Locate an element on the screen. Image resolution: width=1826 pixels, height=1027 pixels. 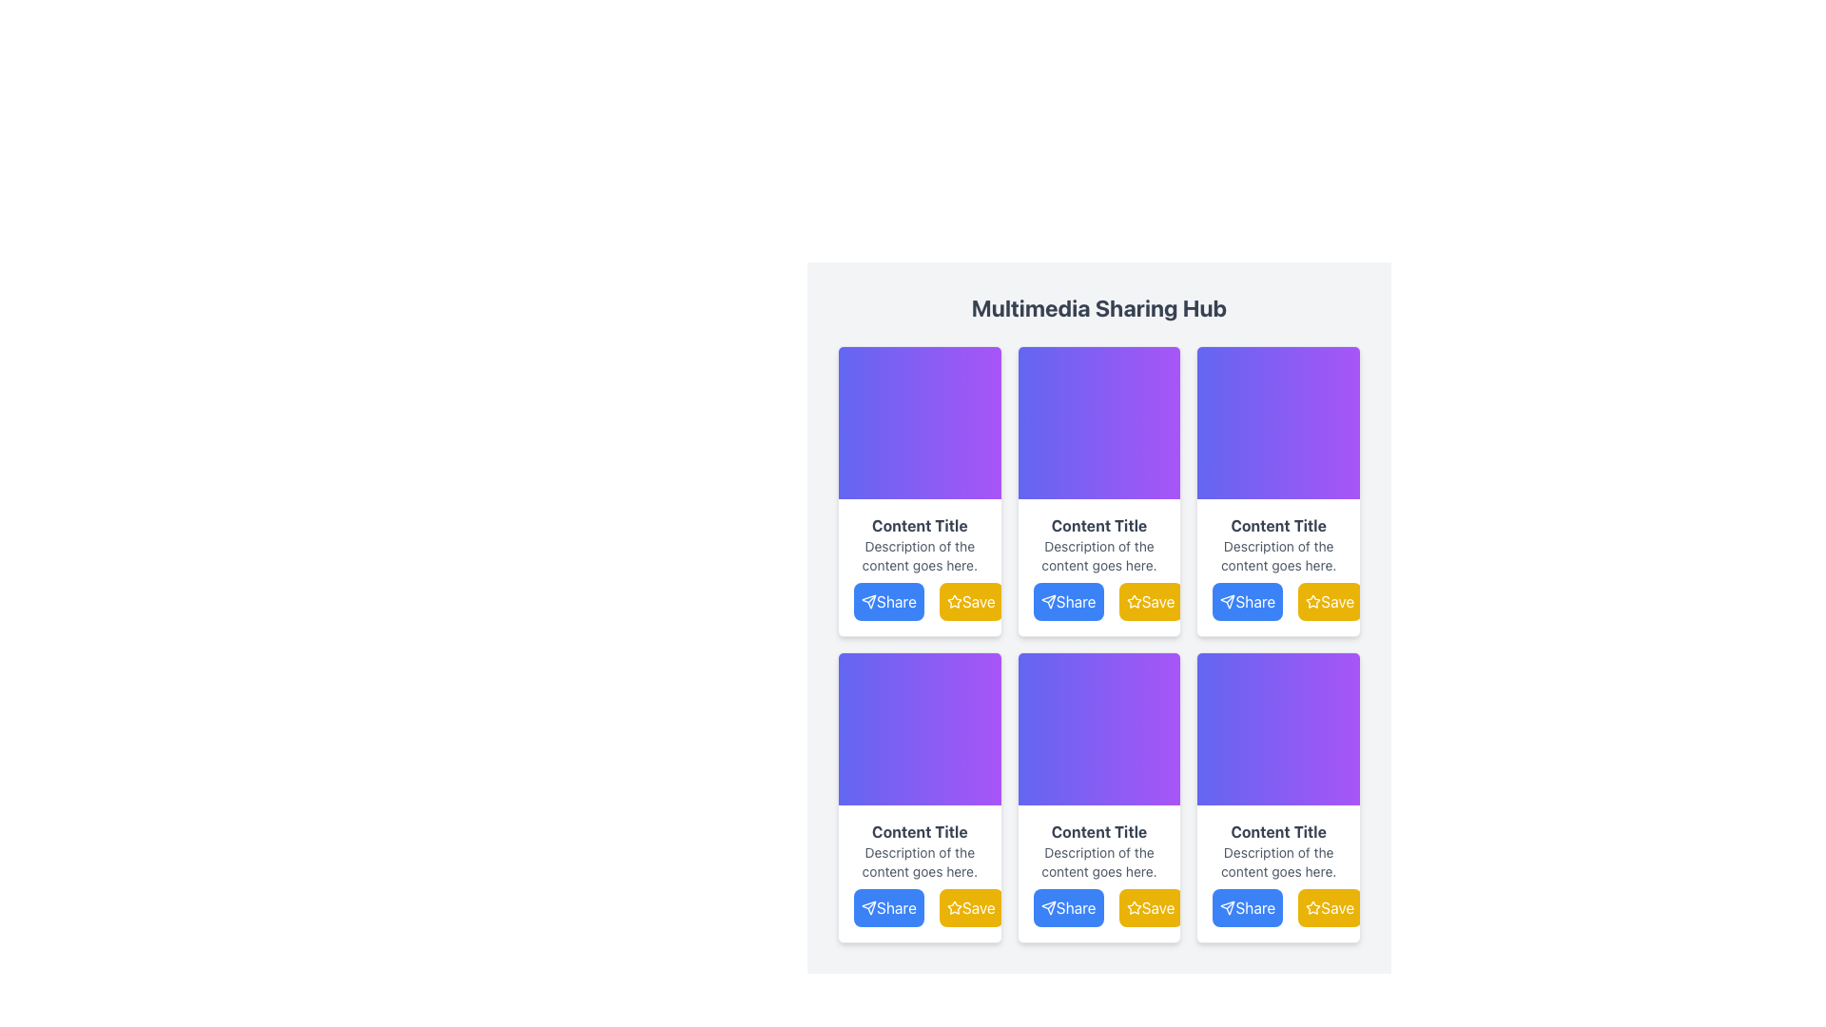
the share button located in the fourth card from the left and third row from the top to share the content is located at coordinates (1099, 907).